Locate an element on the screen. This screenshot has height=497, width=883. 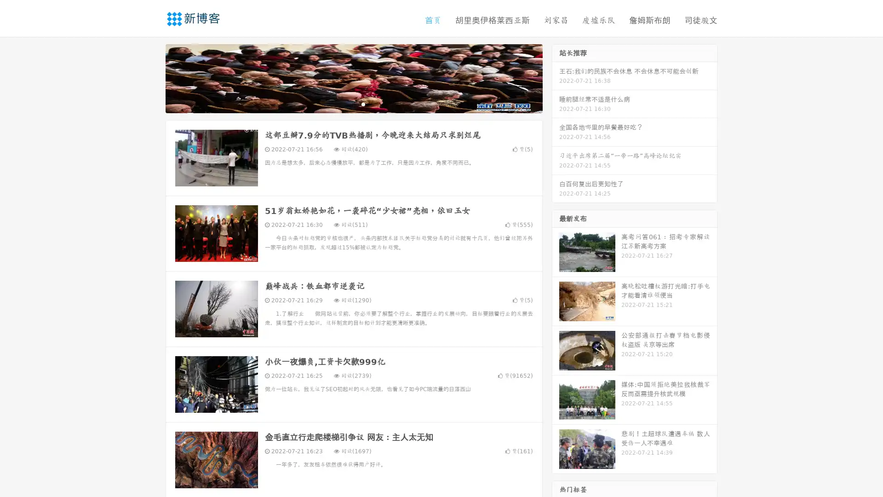
Go to slide 1 is located at coordinates (344, 104).